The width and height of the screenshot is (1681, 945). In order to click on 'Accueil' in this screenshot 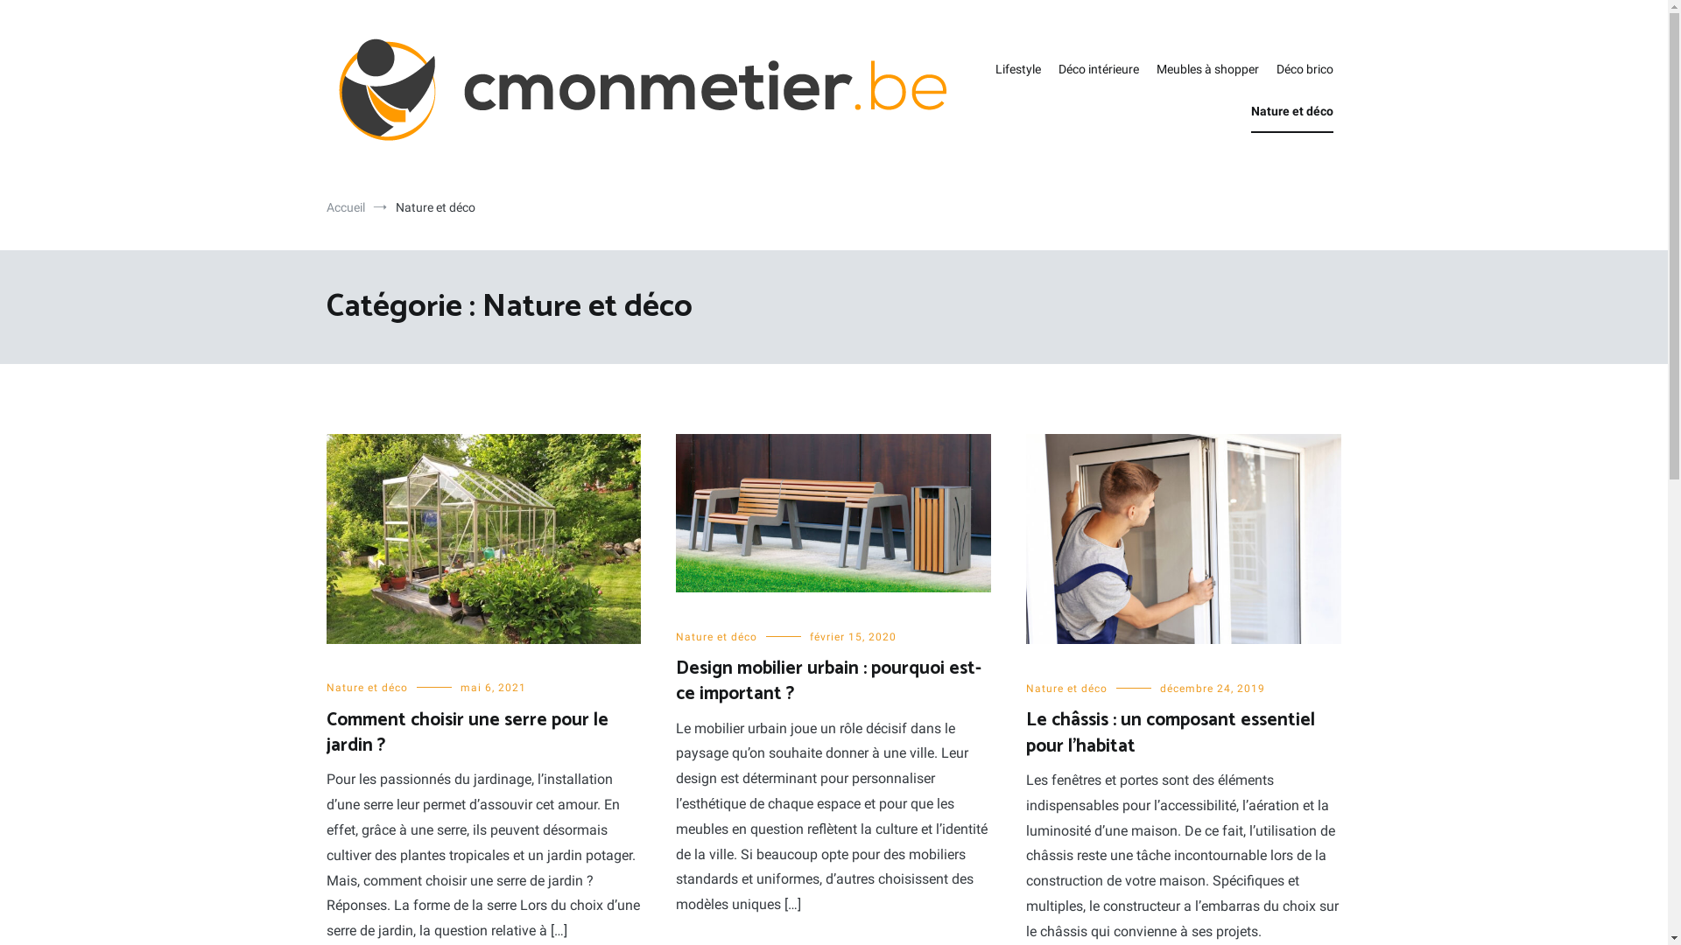, I will do `click(344, 206)`.